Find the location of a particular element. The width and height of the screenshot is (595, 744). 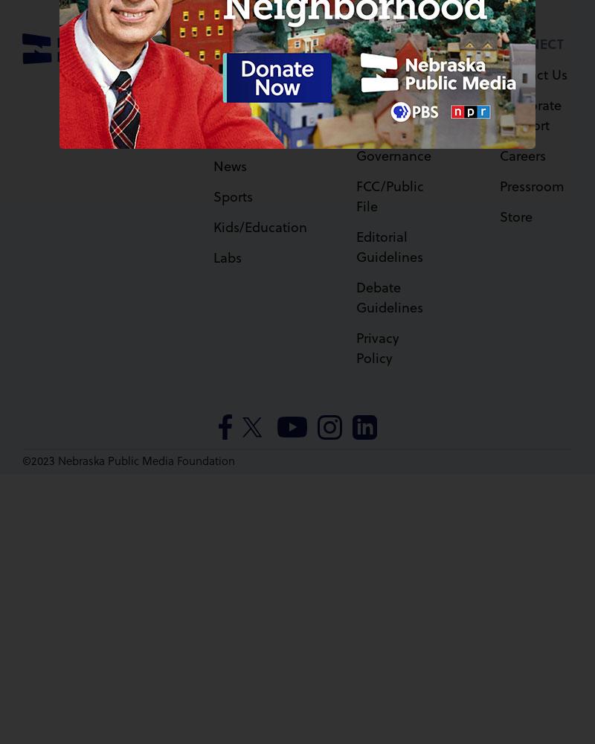

'News' is located at coordinates (228, 164).